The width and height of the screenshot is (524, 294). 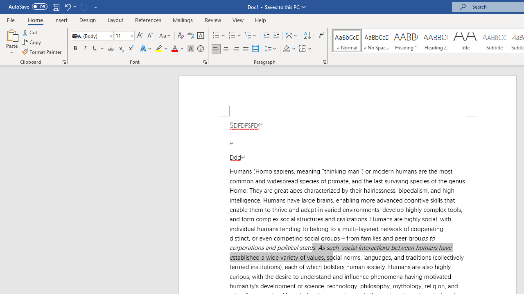 I want to click on 'Align Right', so click(x=235, y=49).